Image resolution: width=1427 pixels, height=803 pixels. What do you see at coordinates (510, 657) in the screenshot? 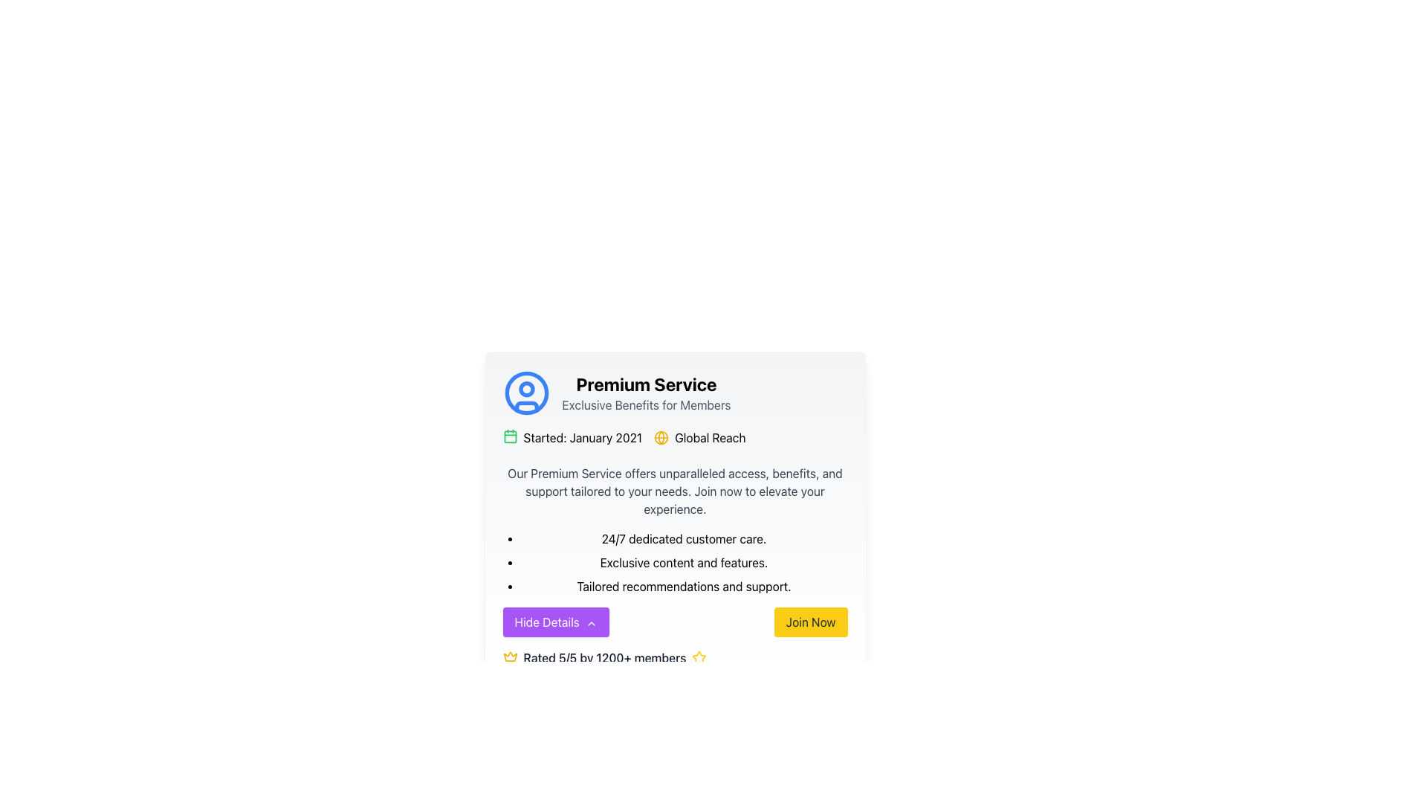
I see `the decorative icon representing prestige or excellence located in the bottom-left of the section containing the 'Rated 5/5 by 1200+ members' text` at bounding box center [510, 657].